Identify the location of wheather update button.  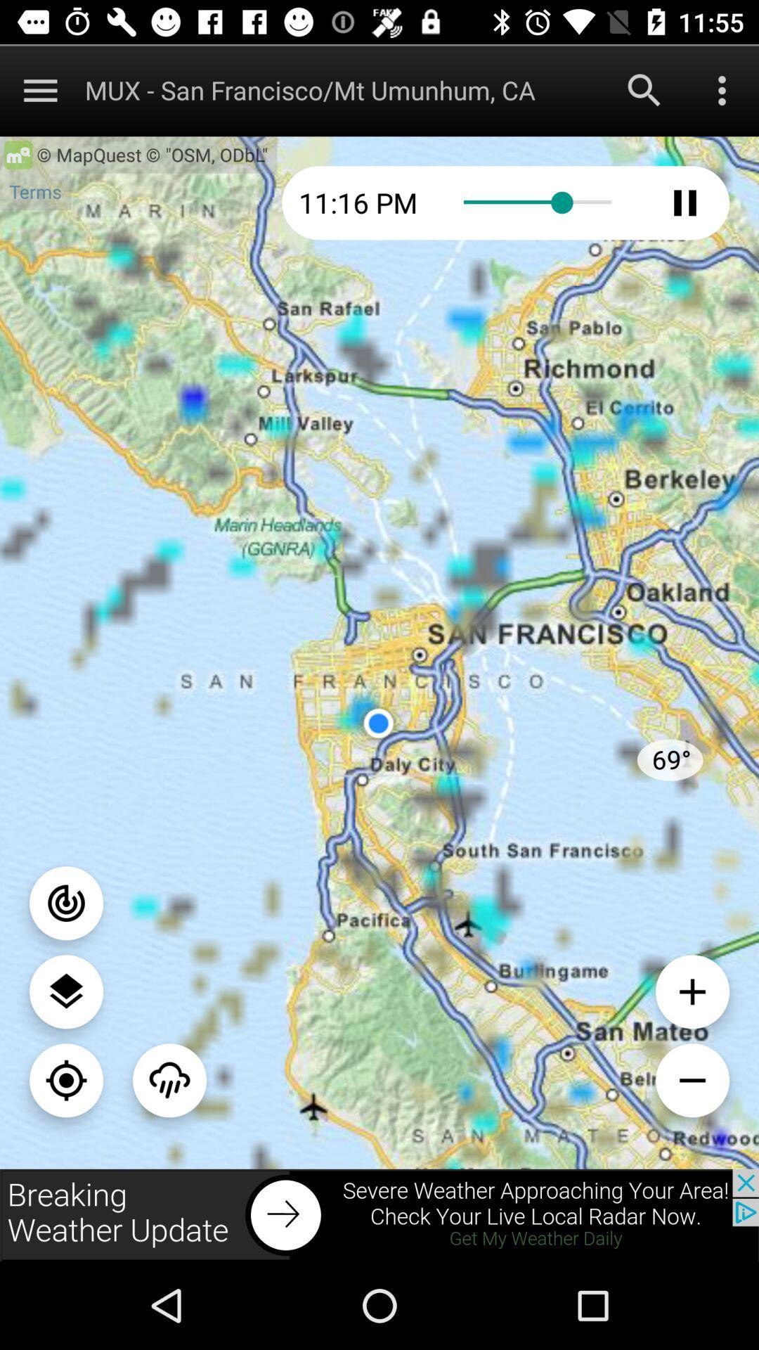
(379, 1214).